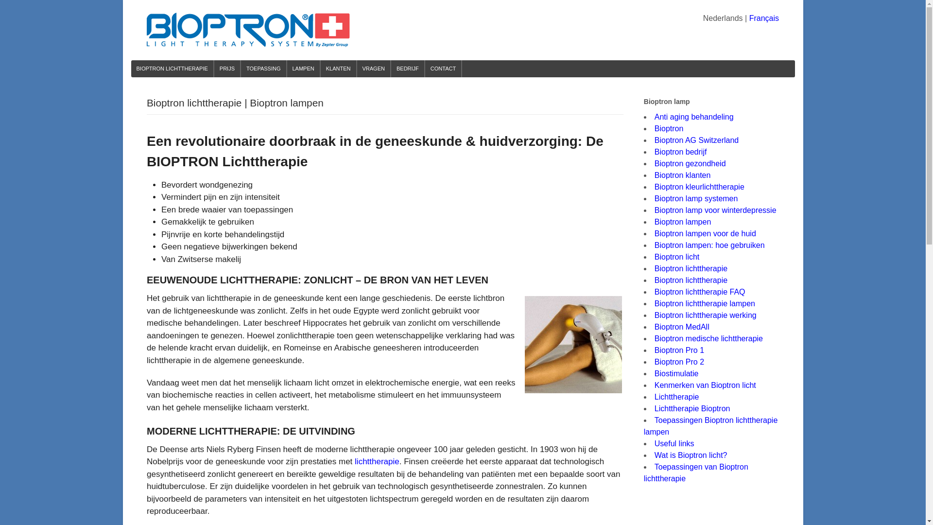 Image resolution: width=933 pixels, height=525 pixels. What do you see at coordinates (356, 68) in the screenshot?
I see `'VRAGEN'` at bounding box center [356, 68].